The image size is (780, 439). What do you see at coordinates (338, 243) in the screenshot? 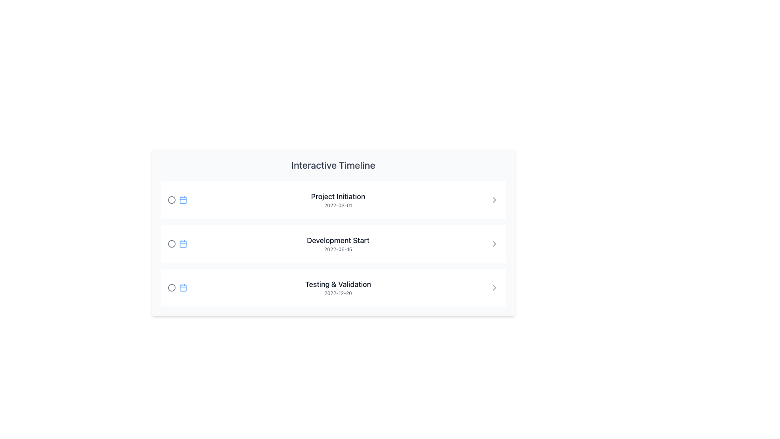
I see `displayed information from the text element labeled 'Development Start' with the date '2022-06-15' in the 'Interactive Timeline' section` at bounding box center [338, 243].